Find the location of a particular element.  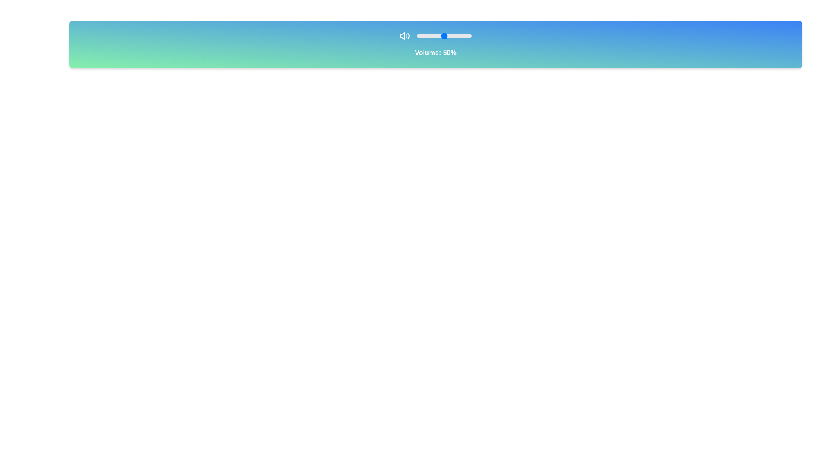

the slider is located at coordinates (433, 35).